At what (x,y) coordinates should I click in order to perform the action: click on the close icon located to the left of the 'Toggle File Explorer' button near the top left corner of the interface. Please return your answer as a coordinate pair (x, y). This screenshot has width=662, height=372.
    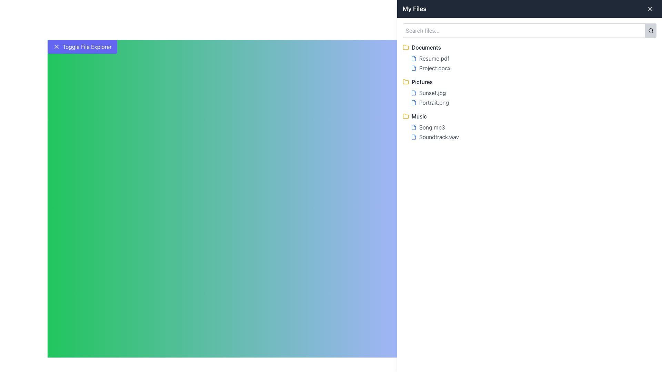
    Looking at the image, I should click on (56, 46).